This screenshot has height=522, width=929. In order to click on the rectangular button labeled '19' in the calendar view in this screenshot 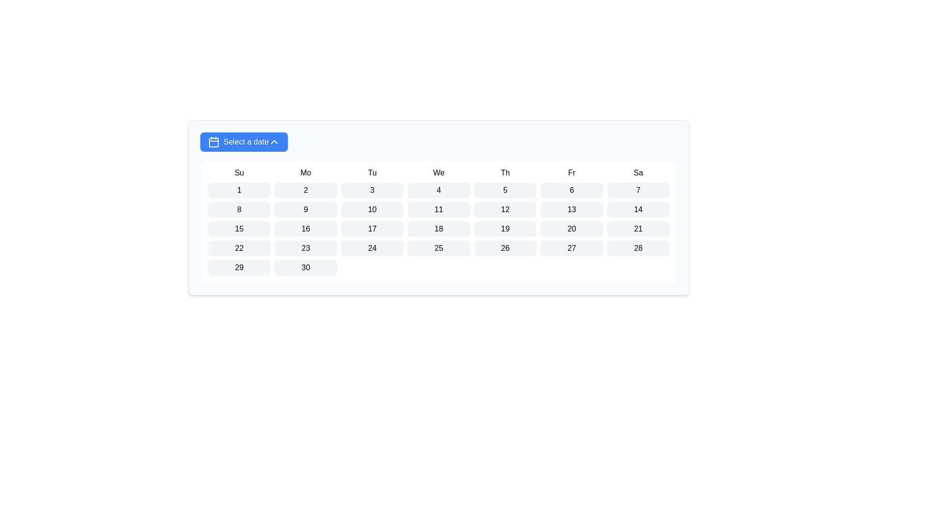, I will do `click(505, 229)`.